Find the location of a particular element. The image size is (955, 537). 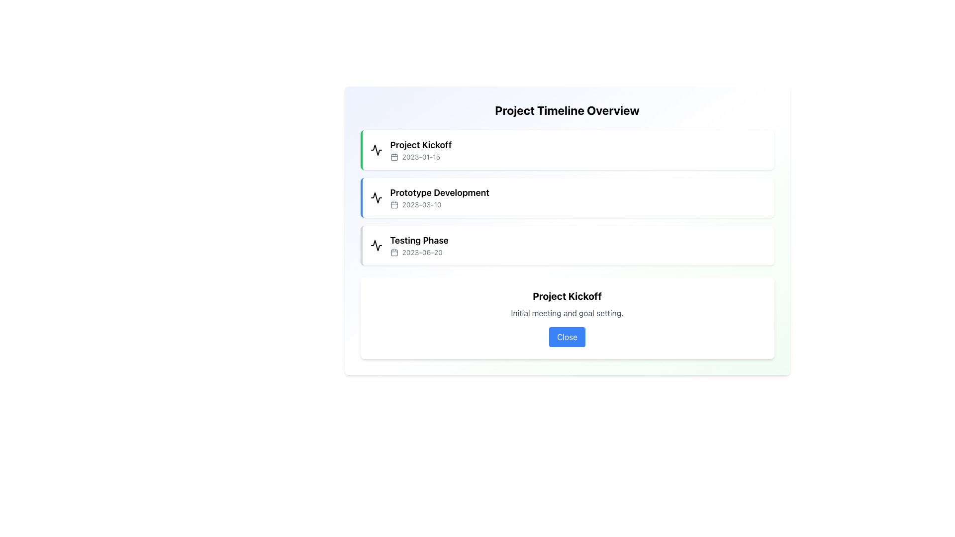

the title 'Project Timeline Overview', which is displayed in bold and large text at the top of the timeline section is located at coordinates (567, 110).